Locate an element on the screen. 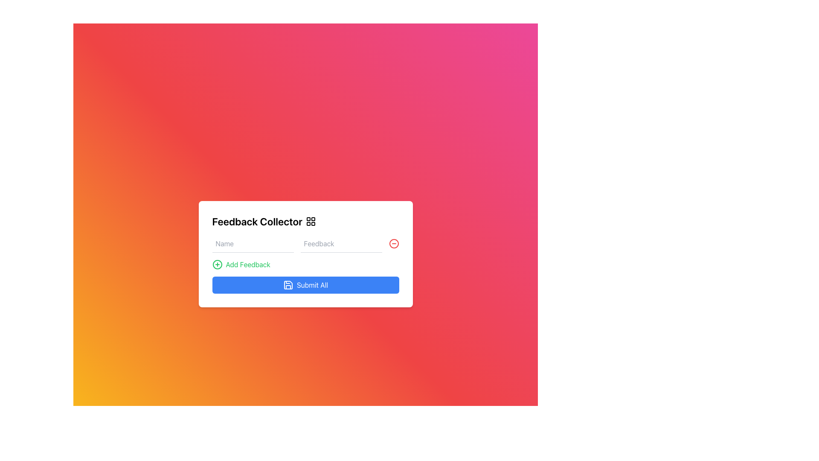 The width and height of the screenshot is (819, 461). the circular reset button located in the Form Input Group of the feedback form, positioned above the 'Add Feedback' button and below the header text 'Feedback Collector' is located at coordinates (305, 243).